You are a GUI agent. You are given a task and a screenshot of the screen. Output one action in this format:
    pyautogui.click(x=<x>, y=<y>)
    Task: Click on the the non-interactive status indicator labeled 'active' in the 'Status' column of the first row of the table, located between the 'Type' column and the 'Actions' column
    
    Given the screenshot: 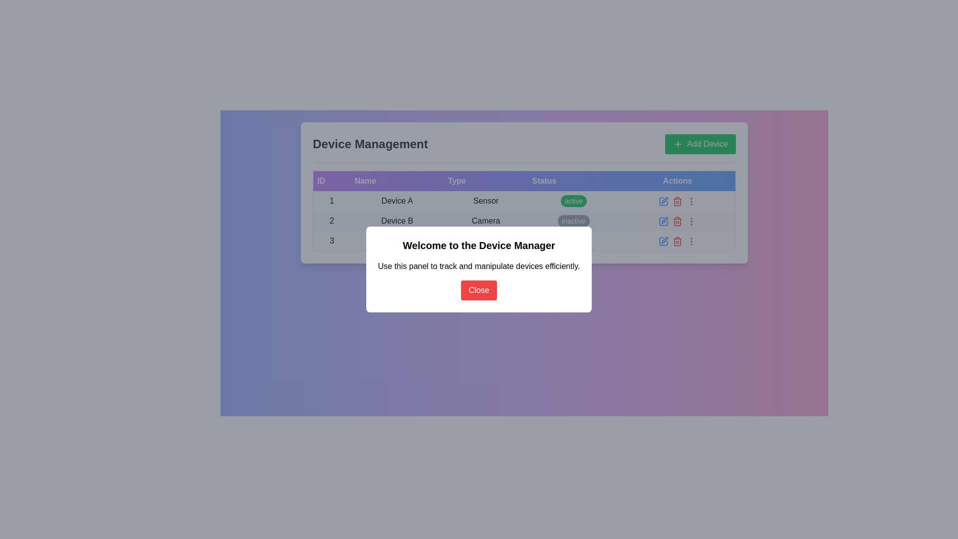 What is the action you would take?
    pyautogui.click(x=574, y=201)
    